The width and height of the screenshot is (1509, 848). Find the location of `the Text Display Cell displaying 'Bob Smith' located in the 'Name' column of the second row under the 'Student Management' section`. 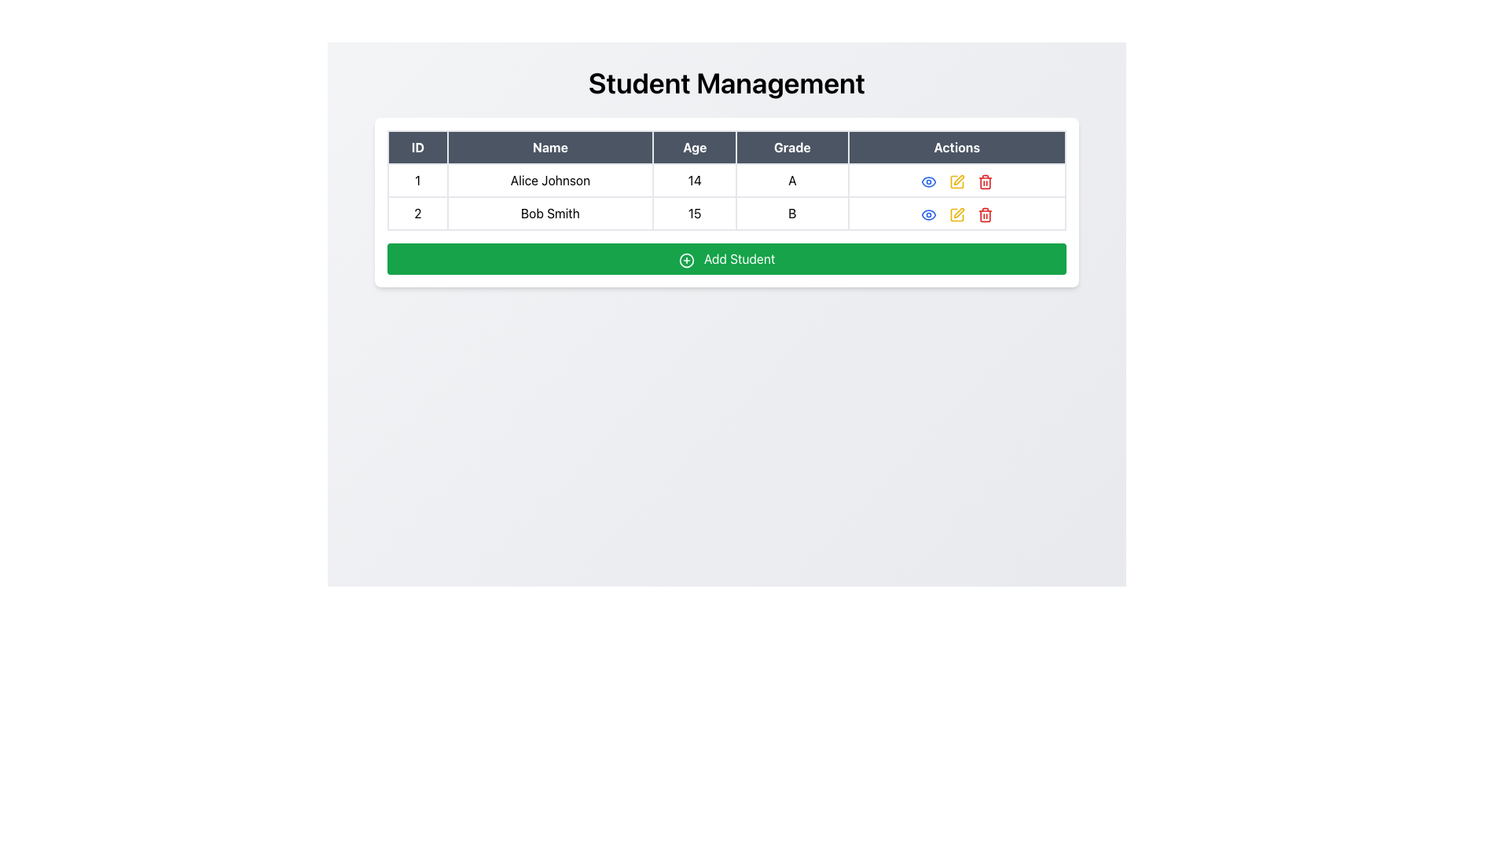

the Text Display Cell displaying 'Bob Smith' located in the 'Name' column of the second row under the 'Student Management' section is located at coordinates (550, 214).